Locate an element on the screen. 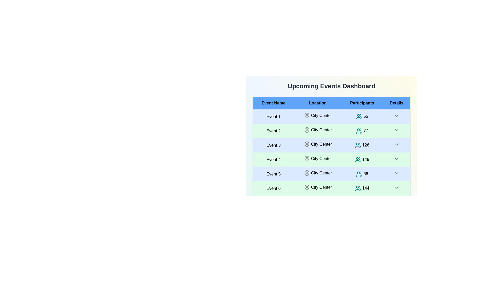 This screenshot has height=282, width=502. the row corresponding to Event 2 to inspect its details is located at coordinates (273, 131).